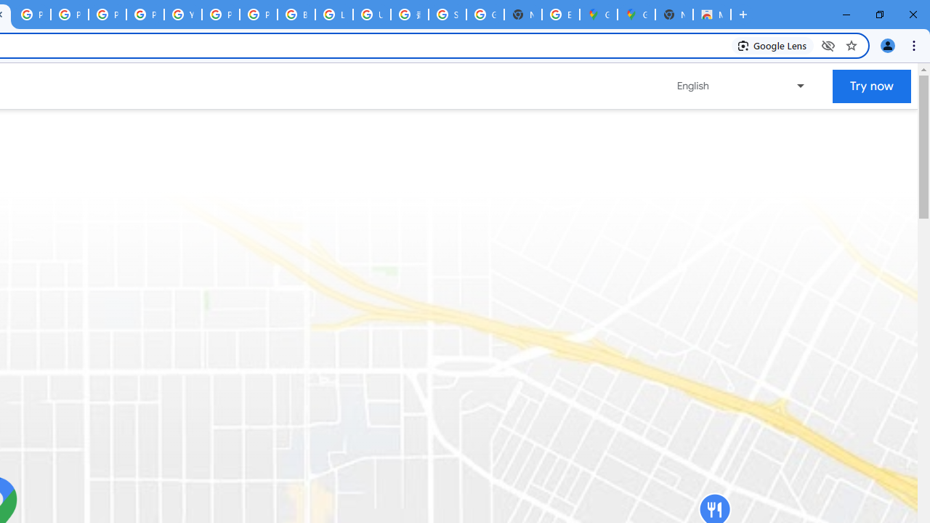 Image resolution: width=930 pixels, height=523 pixels. I want to click on 'YouTube', so click(182, 15).